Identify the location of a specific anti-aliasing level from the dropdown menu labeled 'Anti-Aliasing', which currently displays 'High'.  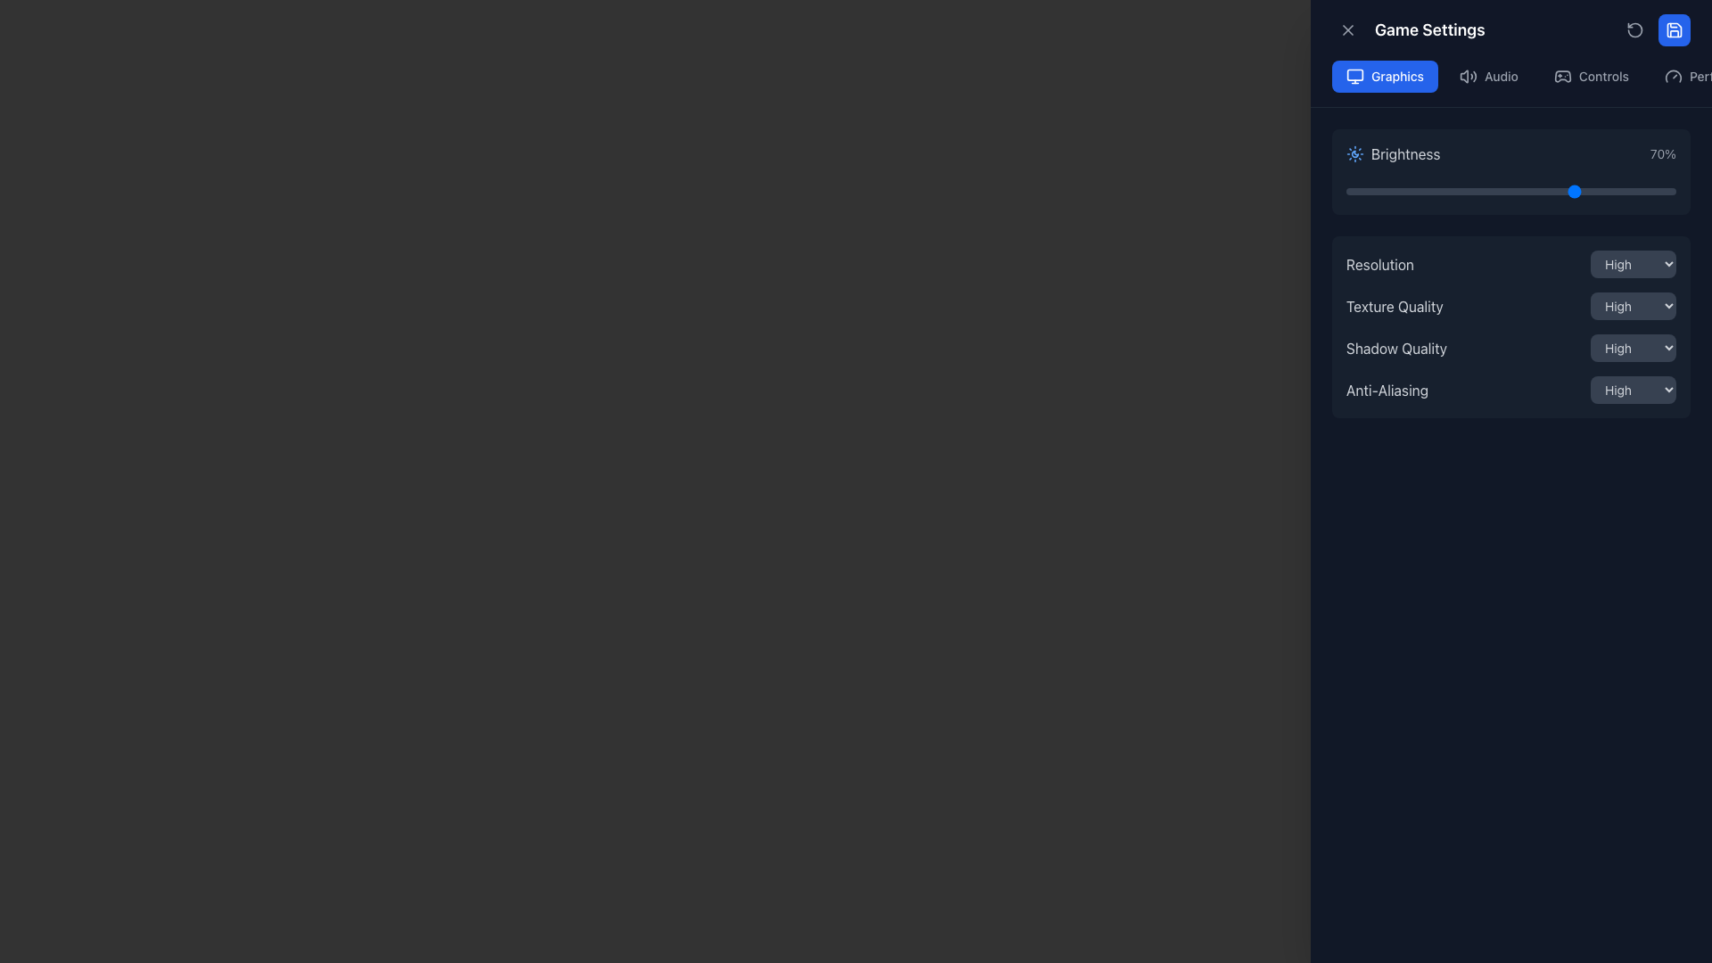
(1510, 389).